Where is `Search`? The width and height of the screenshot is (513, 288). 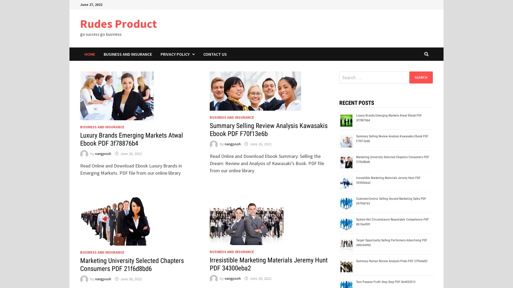
Search is located at coordinates (421, 77).